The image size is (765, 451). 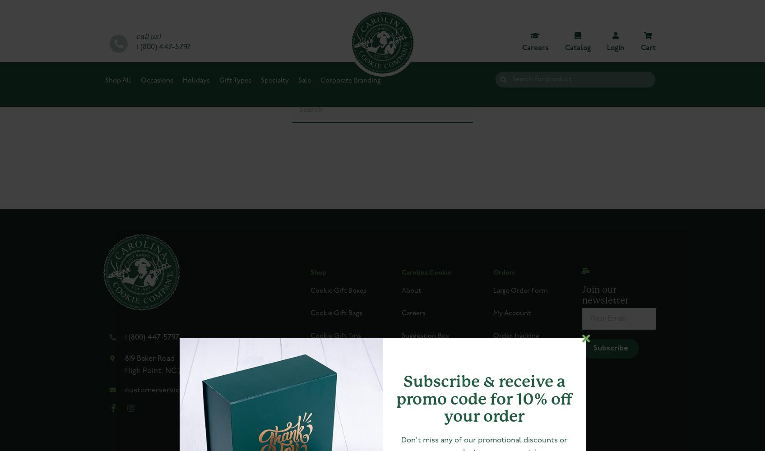 I want to click on 'Order Tracking', so click(x=515, y=336).